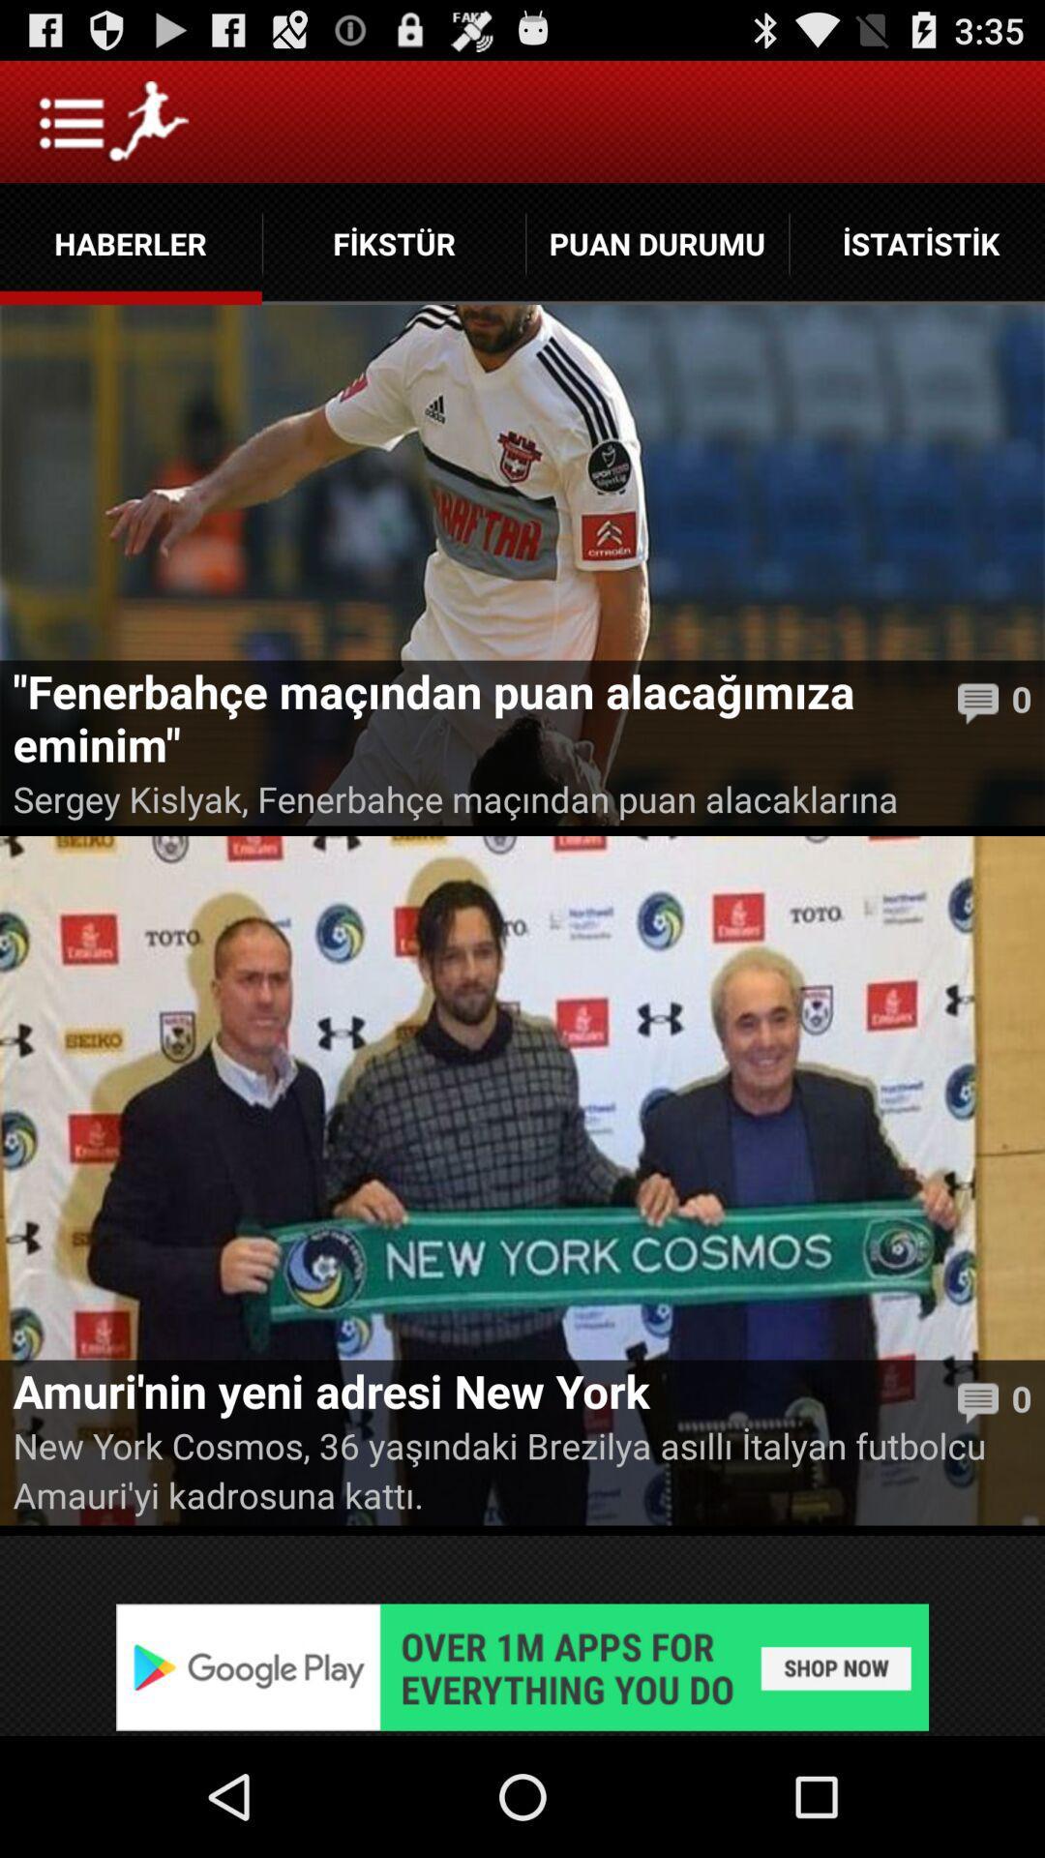  Describe the element at coordinates (656, 243) in the screenshot. I see `the puan durumu icon` at that location.